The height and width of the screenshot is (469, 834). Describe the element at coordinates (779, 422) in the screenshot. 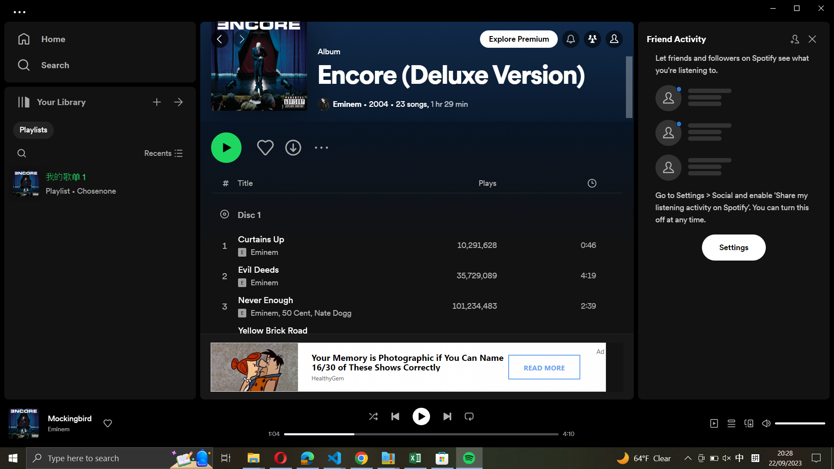

I see `Turn down the audio` at that location.